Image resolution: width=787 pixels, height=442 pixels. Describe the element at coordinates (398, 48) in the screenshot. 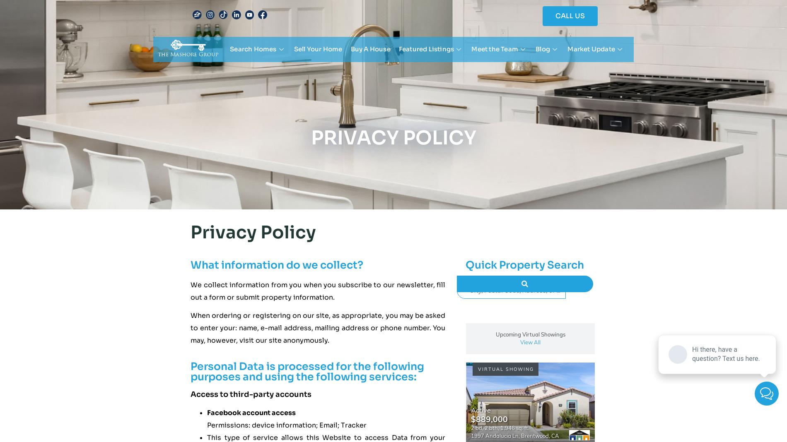

I see `'Featured Listings'` at that location.